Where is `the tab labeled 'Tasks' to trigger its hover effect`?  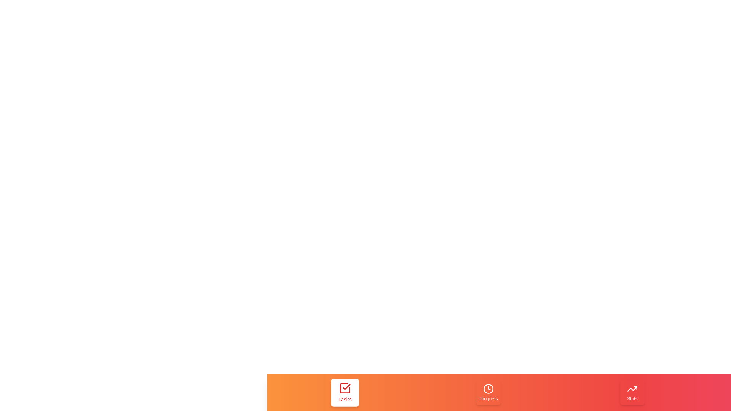
the tab labeled 'Tasks' to trigger its hover effect is located at coordinates (344, 393).